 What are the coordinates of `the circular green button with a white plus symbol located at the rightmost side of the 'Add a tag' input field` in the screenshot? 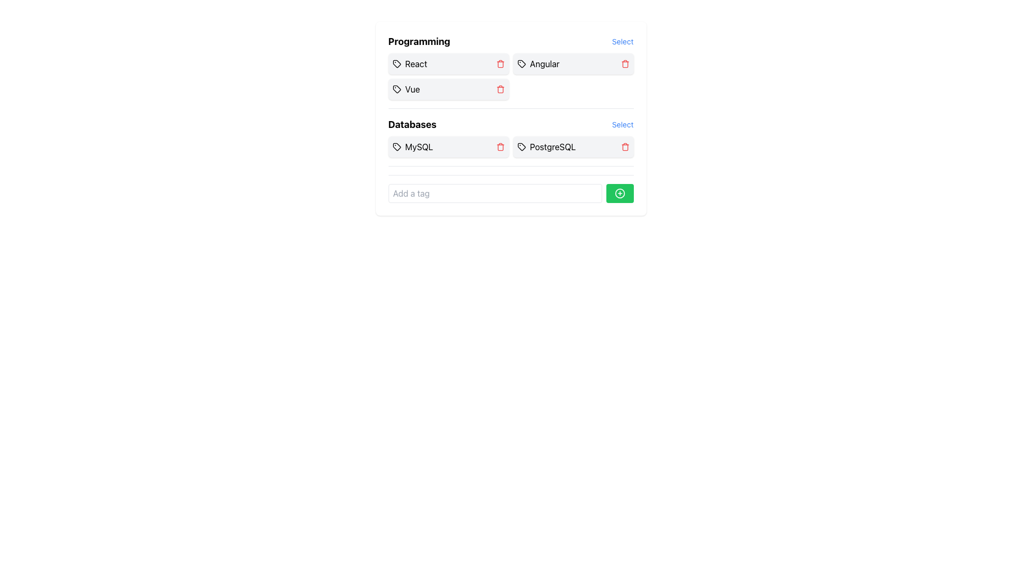 It's located at (620, 194).